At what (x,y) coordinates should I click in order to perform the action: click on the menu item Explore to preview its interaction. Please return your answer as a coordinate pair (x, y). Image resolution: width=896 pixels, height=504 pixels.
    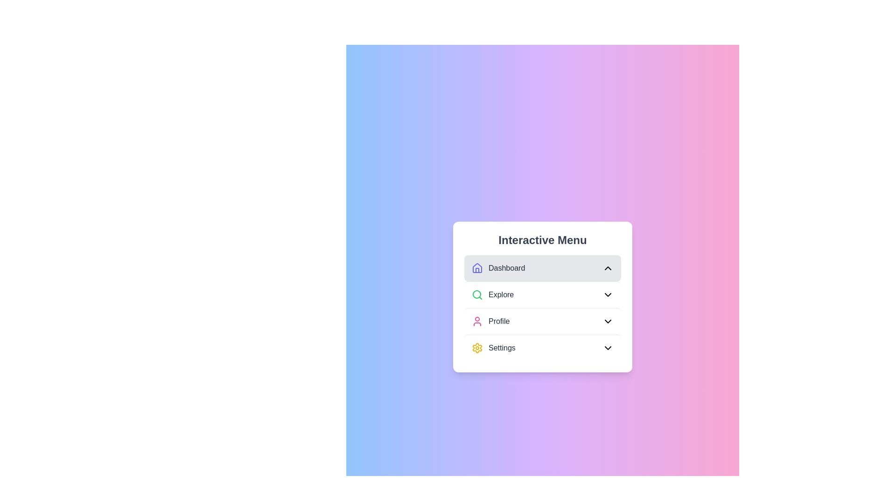
    Looking at the image, I should click on (542, 294).